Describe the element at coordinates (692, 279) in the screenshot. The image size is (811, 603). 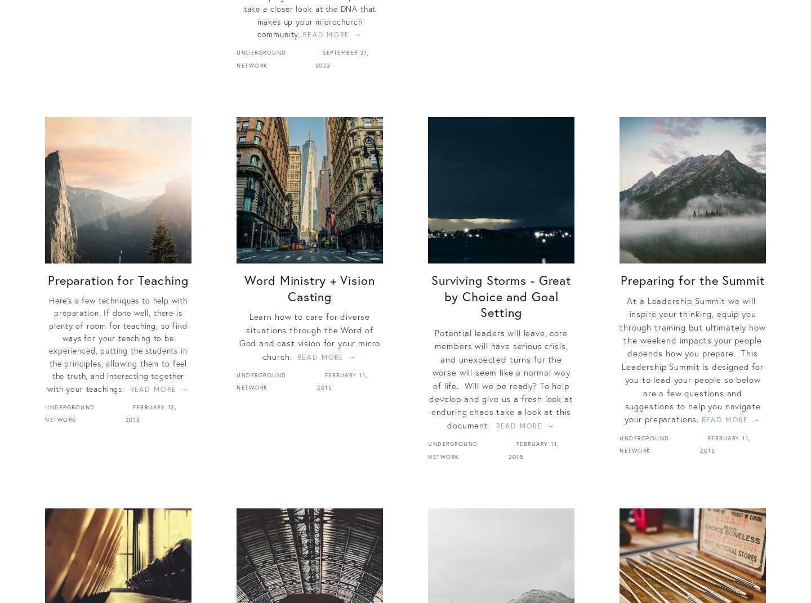
I see `'Preparing for the Summit'` at that location.